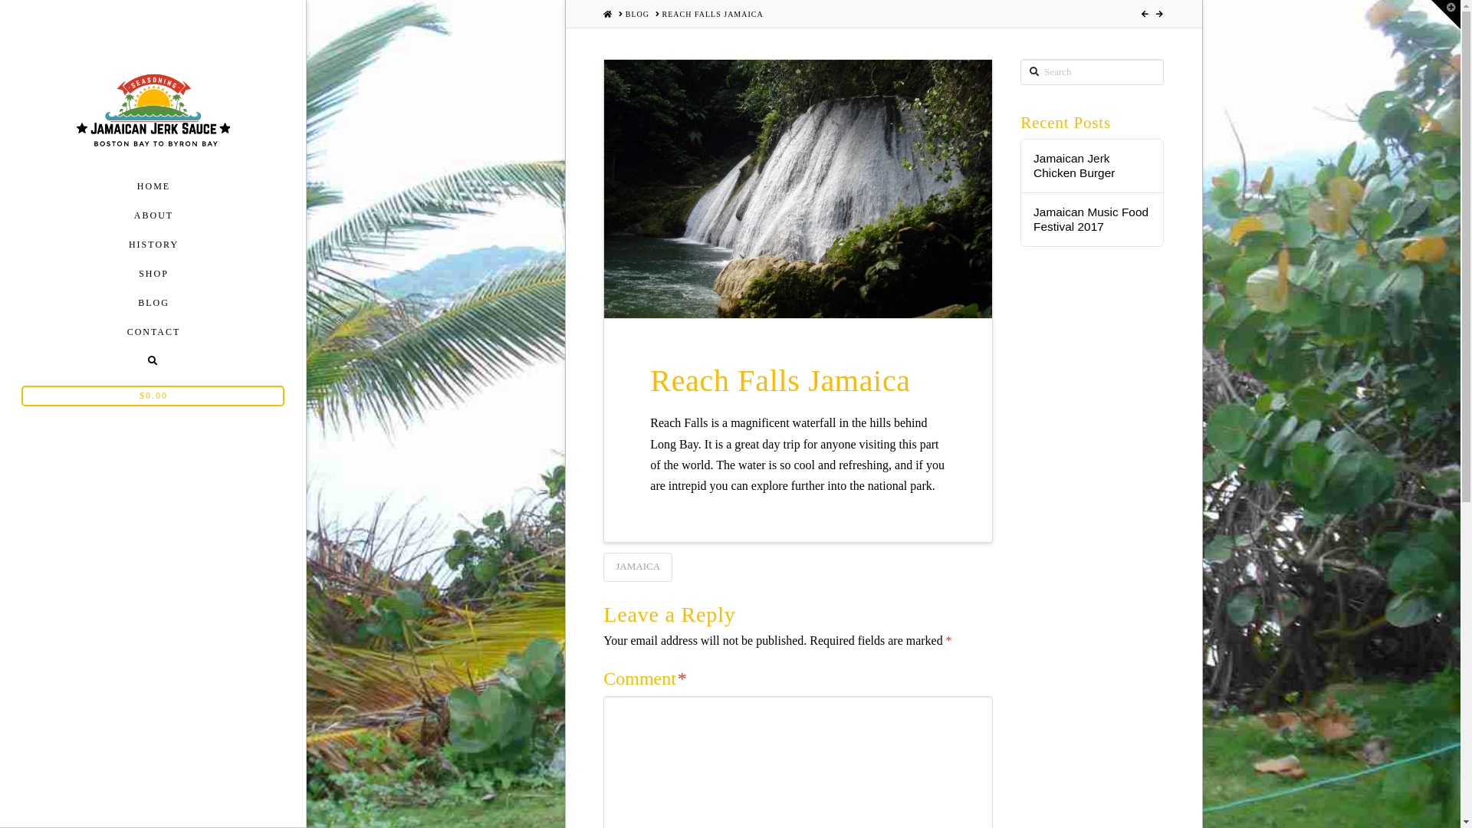  Describe the element at coordinates (1091, 219) in the screenshot. I see `'Jamaican Music Food Festival 2017'` at that location.